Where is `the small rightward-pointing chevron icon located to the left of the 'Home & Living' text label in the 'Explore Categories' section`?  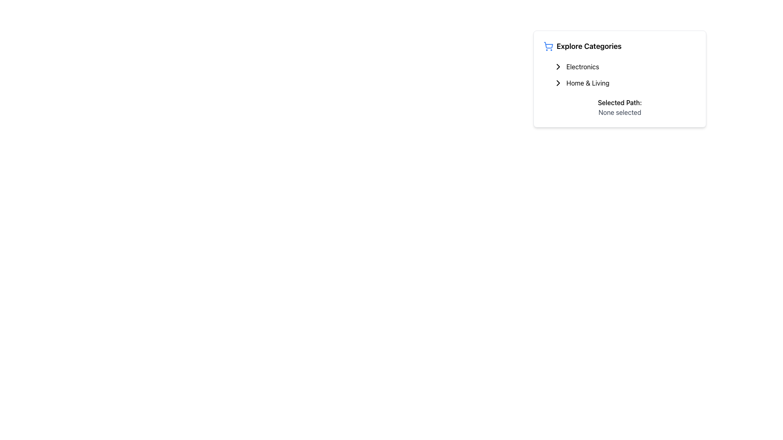
the small rightward-pointing chevron icon located to the left of the 'Home & Living' text label in the 'Explore Categories' section is located at coordinates (557, 83).